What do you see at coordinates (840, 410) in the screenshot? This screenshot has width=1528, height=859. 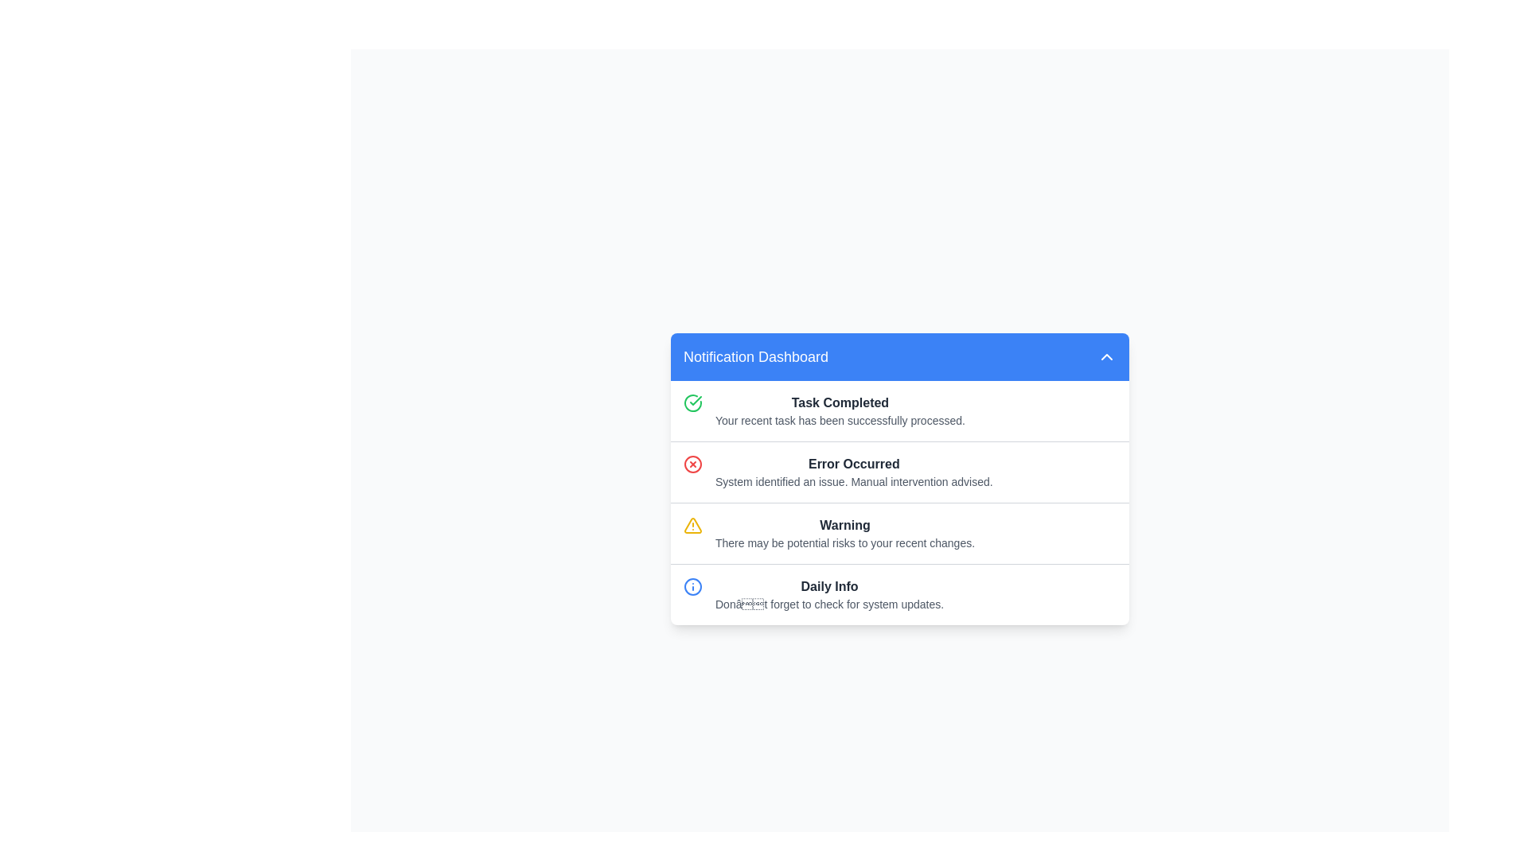 I see `text content from the Text block notification displaying 'Task Completed' and 'Your recent task has been successfully processed.'` at bounding box center [840, 410].